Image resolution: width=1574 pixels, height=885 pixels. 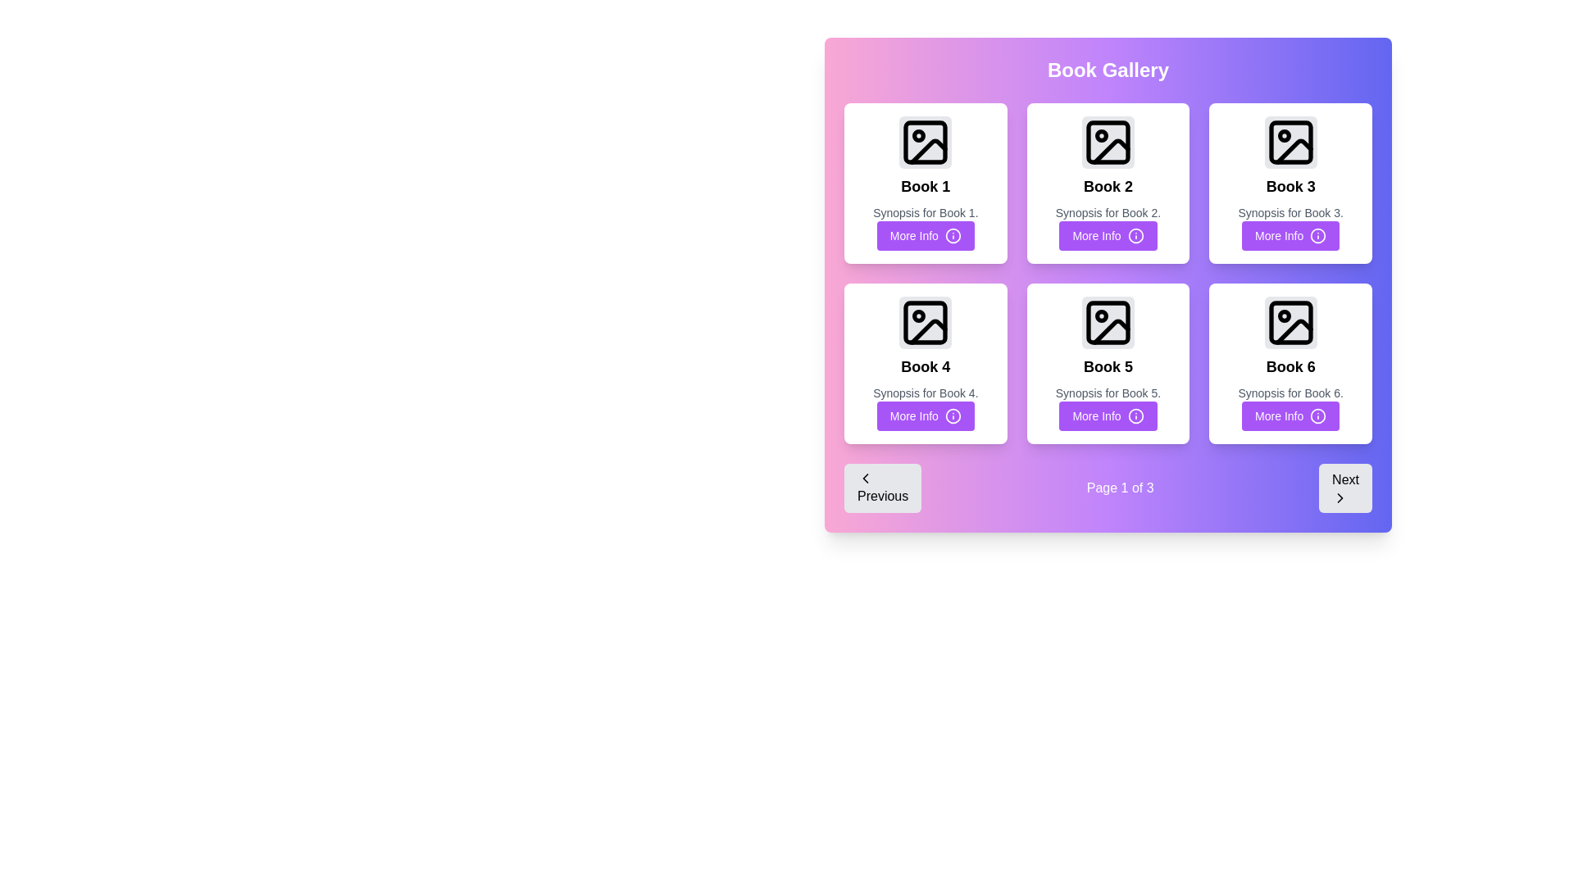 What do you see at coordinates (1102, 134) in the screenshot?
I see `the circle graphic element within the SVG representing the image icon for 'Book 2' in the first row, second column of the grid` at bounding box center [1102, 134].